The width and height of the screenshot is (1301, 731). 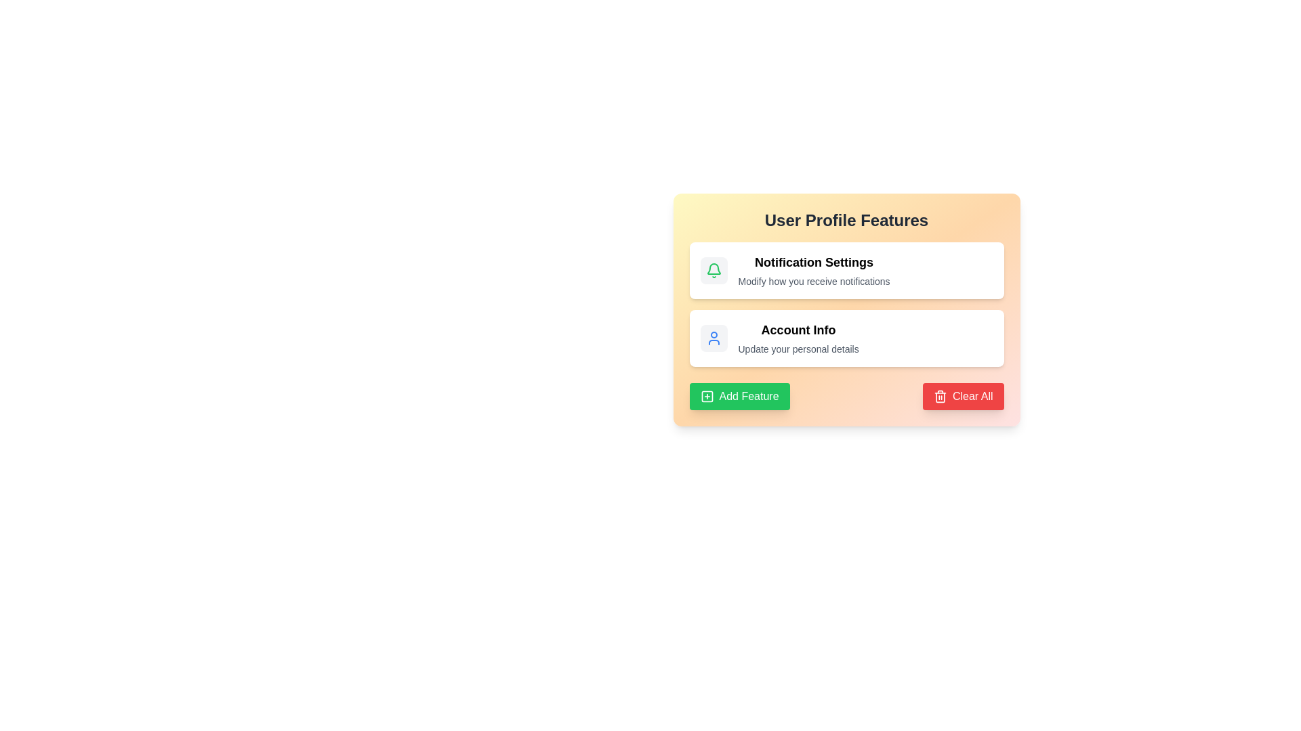 I want to click on the informational text label located below the 'Account Info' text element, which provides context for updating personal details in the 'User Profile Features' section, so click(x=798, y=349).